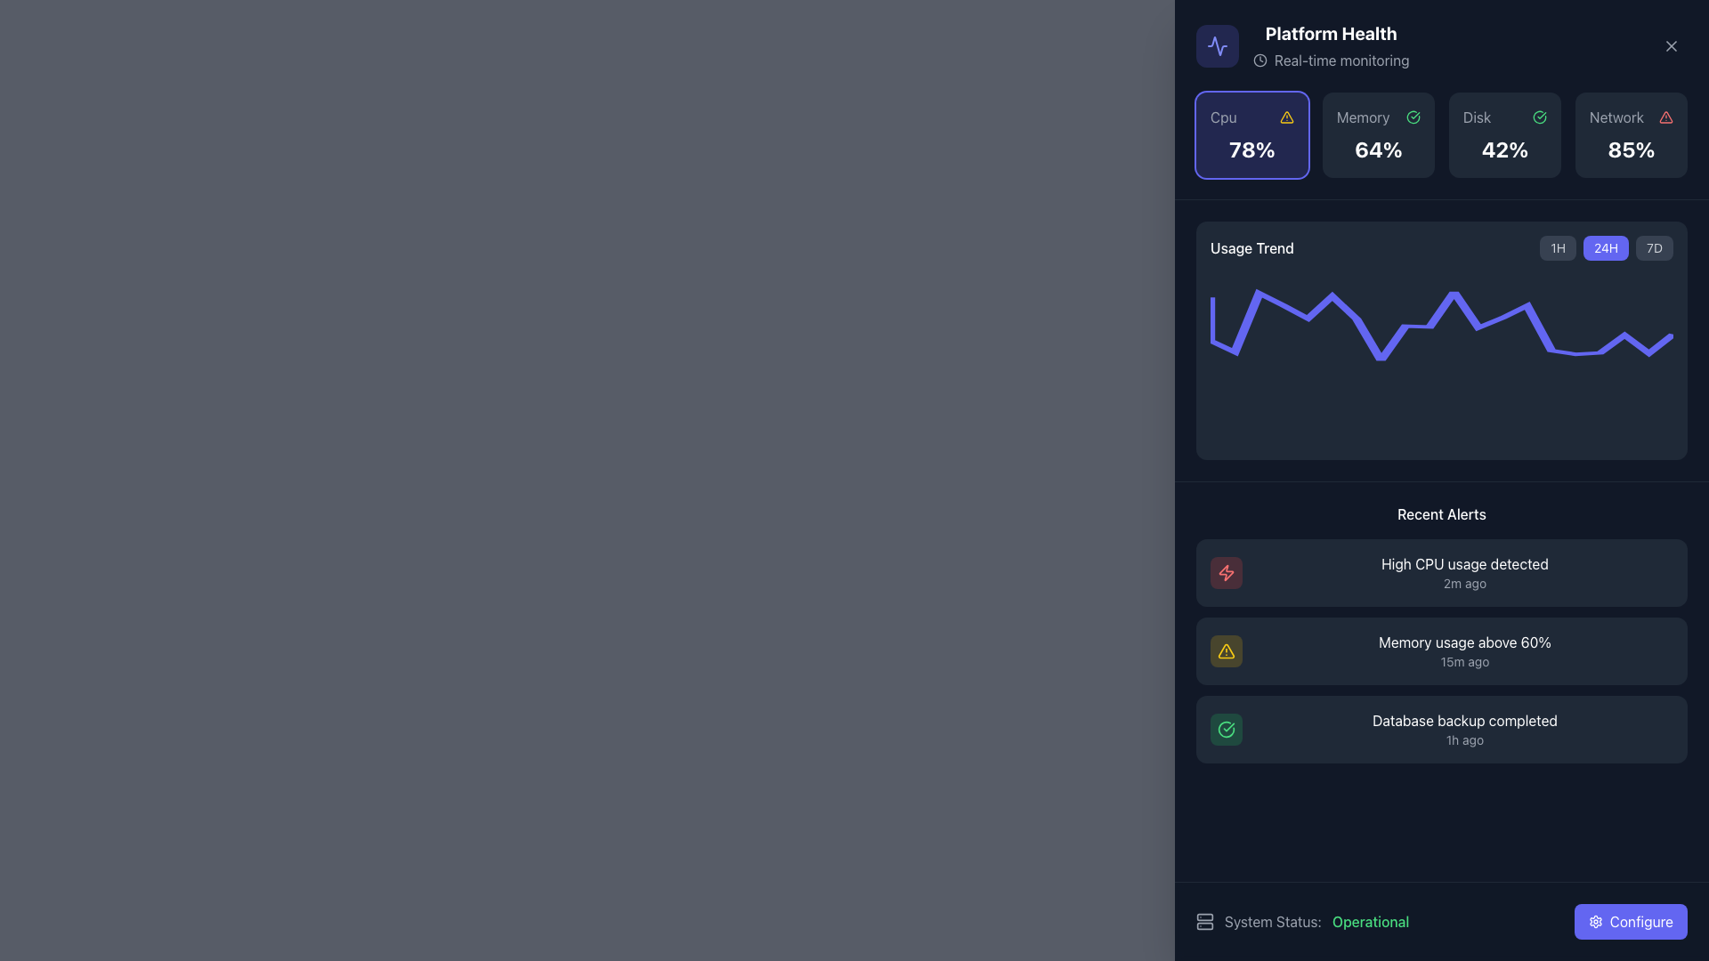  Describe the element at coordinates (1607, 247) in the screenshot. I see `the '24H' button, which is the middle option in a group of three buttons labeled '1H', '24H', and '7D', located to the right of the 'Usage Trend' heading` at that location.